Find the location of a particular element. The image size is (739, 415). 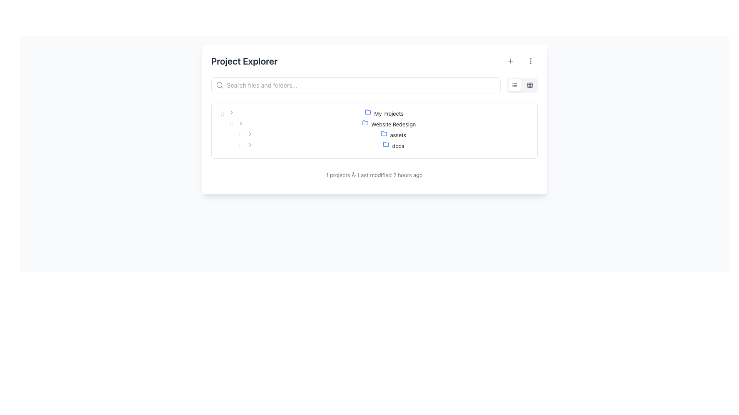

the 'Website Redesign' folder node is located at coordinates (374, 124).